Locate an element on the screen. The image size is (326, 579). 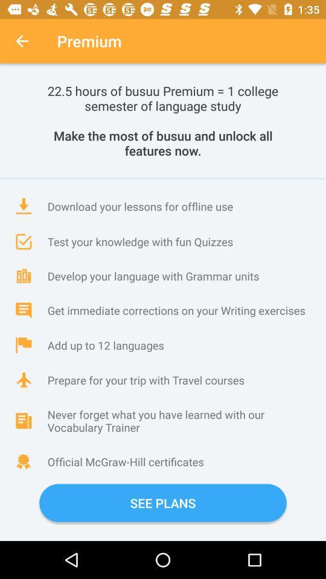
the app next to the premium item is located at coordinates (22, 41).